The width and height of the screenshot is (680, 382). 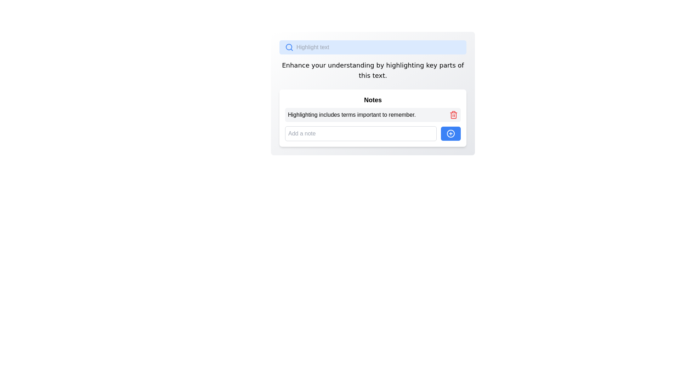 I want to click on the character 't' in the word 'text', which is positioned in the second line of text below the search bar and above the note-taking interface, so click(x=373, y=75).